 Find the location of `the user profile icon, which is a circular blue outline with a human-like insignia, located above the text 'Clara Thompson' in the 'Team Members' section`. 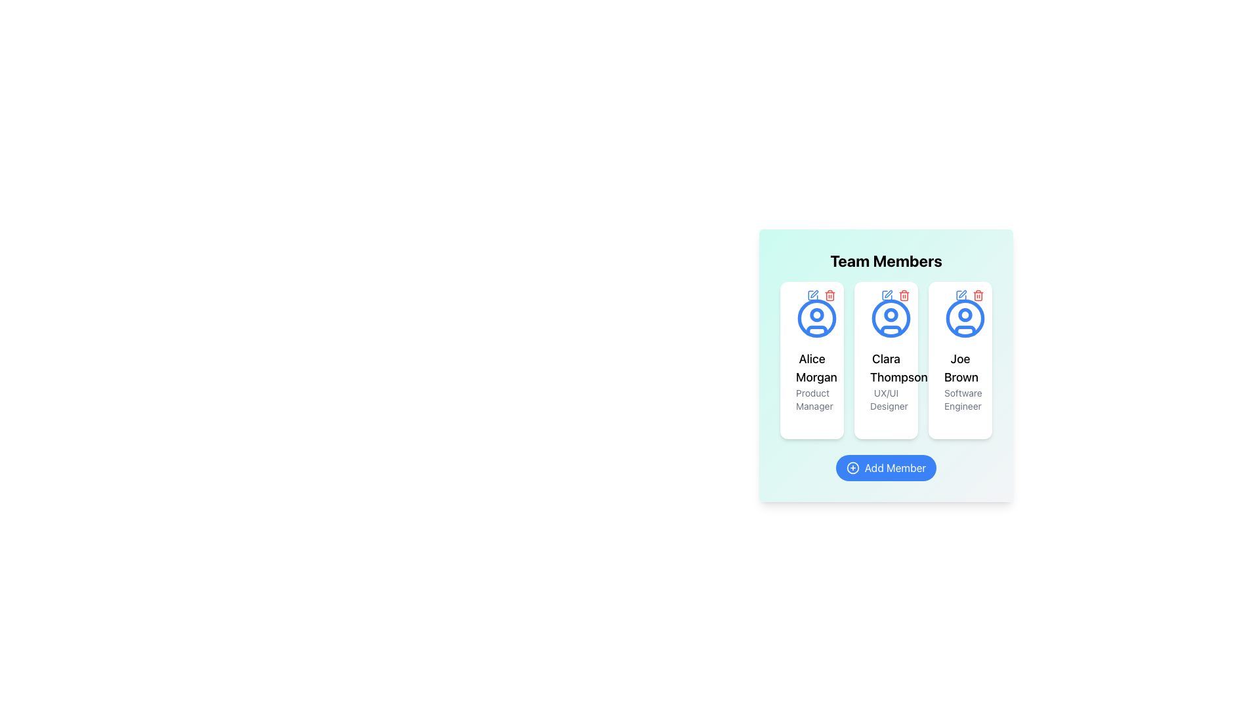

the user profile icon, which is a circular blue outline with a human-like insignia, located above the text 'Clara Thompson' in the 'Team Members' section is located at coordinates (891, 319).